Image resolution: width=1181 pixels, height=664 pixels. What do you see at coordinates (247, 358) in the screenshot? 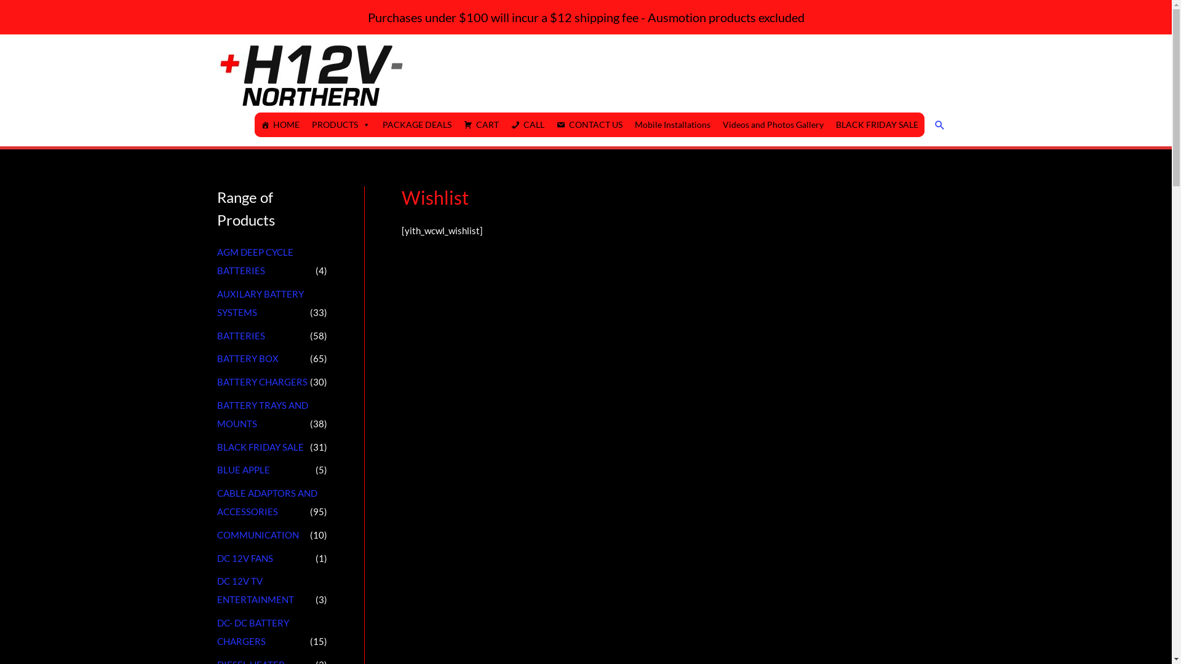
I see `'BATTERY BOX'` at bounding box center [247, 358].